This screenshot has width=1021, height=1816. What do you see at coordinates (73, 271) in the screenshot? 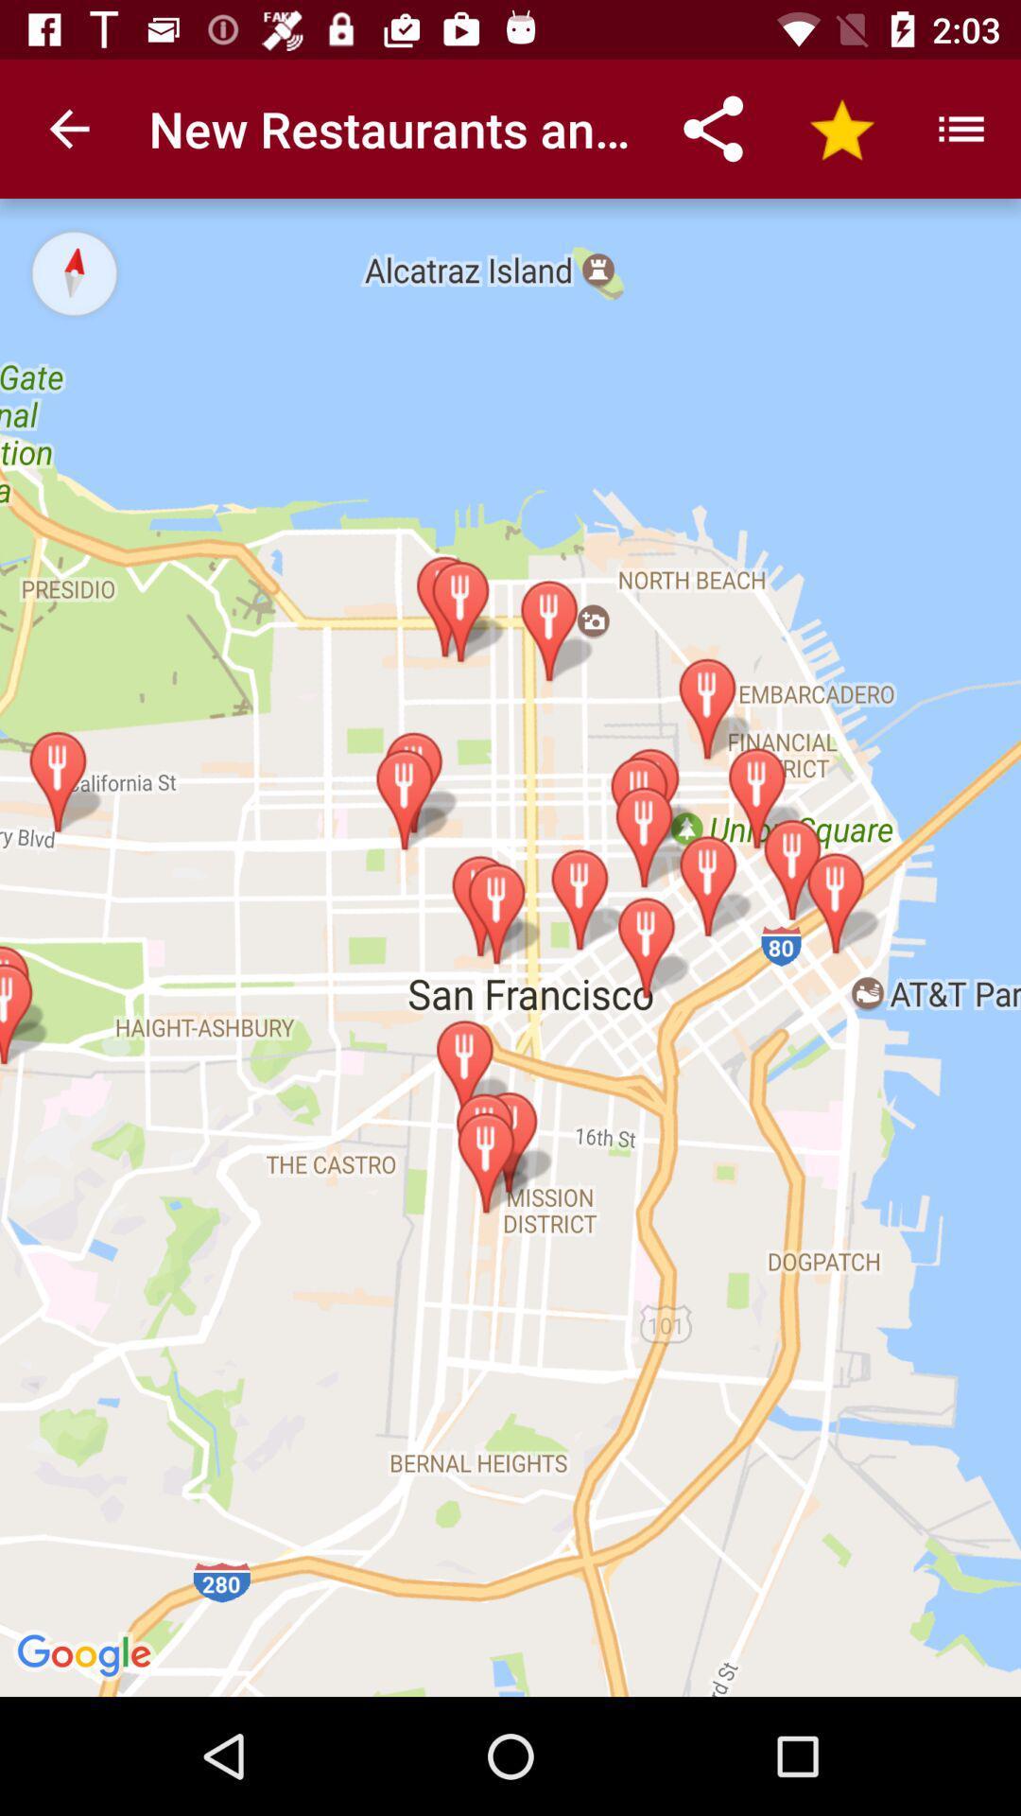
I see `the explore icon` at bounding box center [73, 271].